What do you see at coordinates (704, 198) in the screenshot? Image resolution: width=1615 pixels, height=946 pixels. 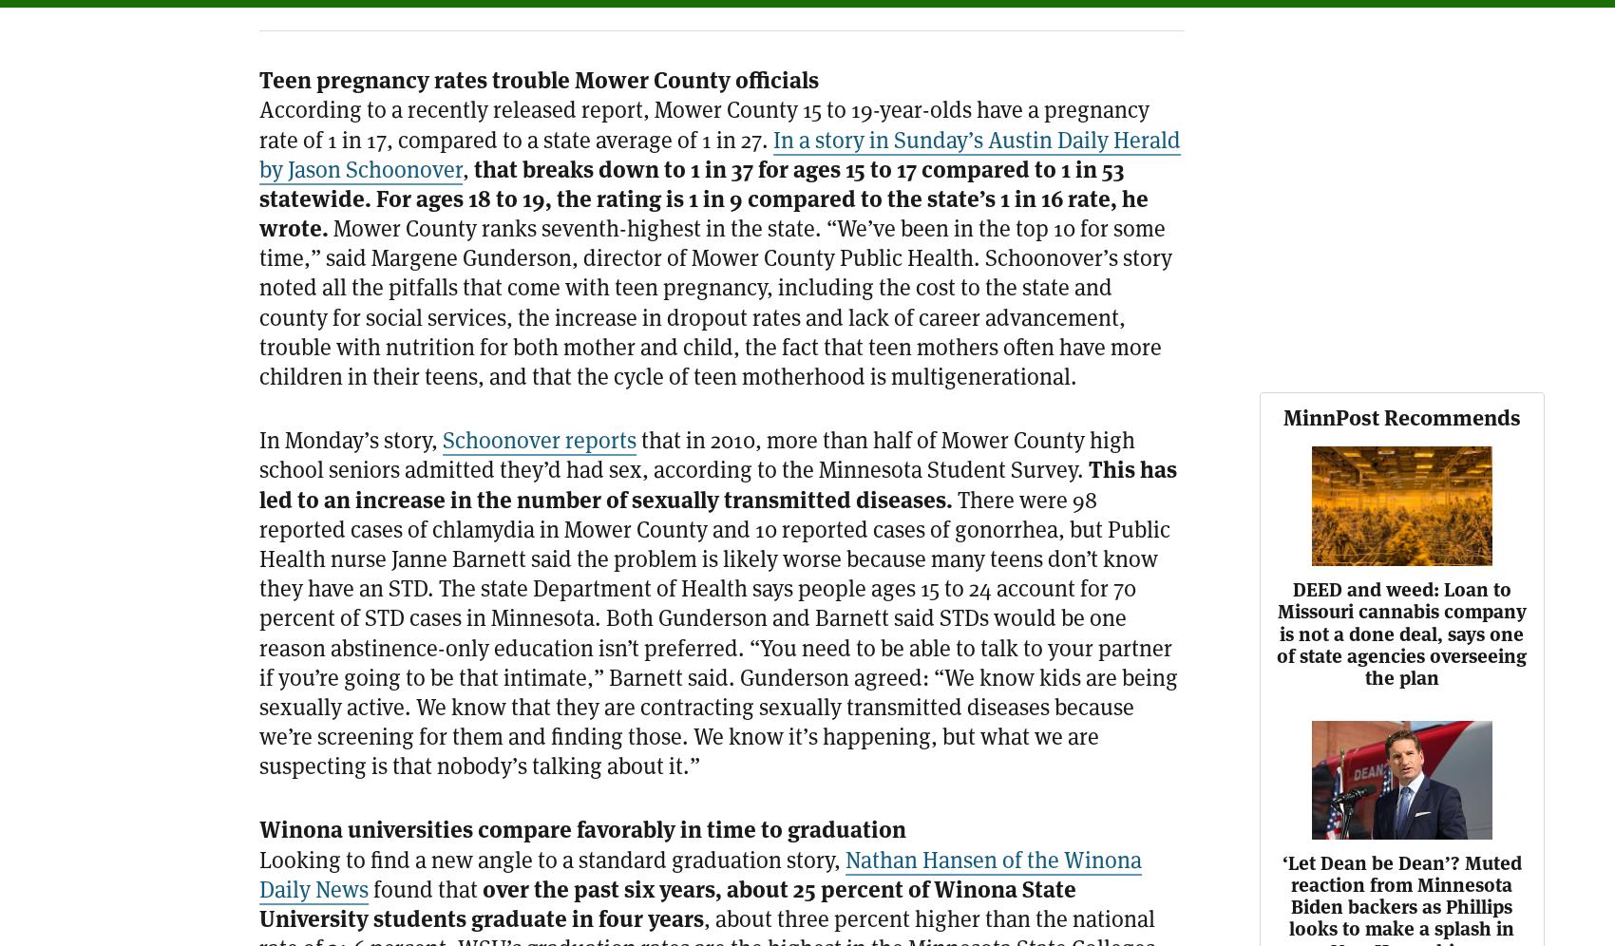 I see `'breaks down to 1 in 37 for ages 15 to 17 compared to 1 in 53 statewide. For ages 18 to 19, the rating is 1 in 9 compared to the state’s 1 in 16 rate, he wrote.'` at bounding box center [704, 198].